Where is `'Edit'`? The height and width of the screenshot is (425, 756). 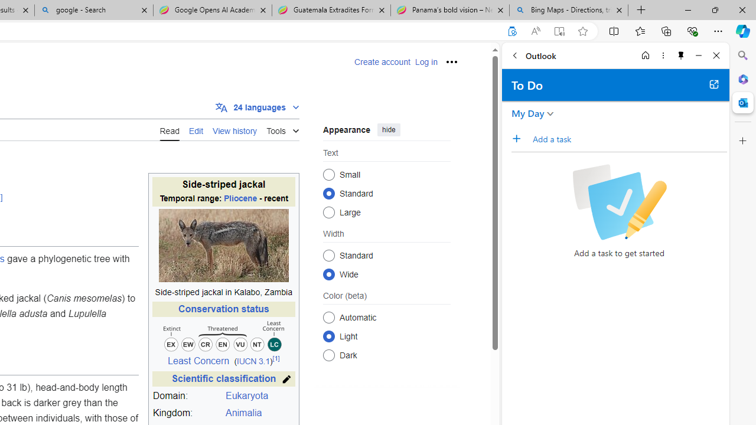
'Edit' is located at coordinates (196, 129).